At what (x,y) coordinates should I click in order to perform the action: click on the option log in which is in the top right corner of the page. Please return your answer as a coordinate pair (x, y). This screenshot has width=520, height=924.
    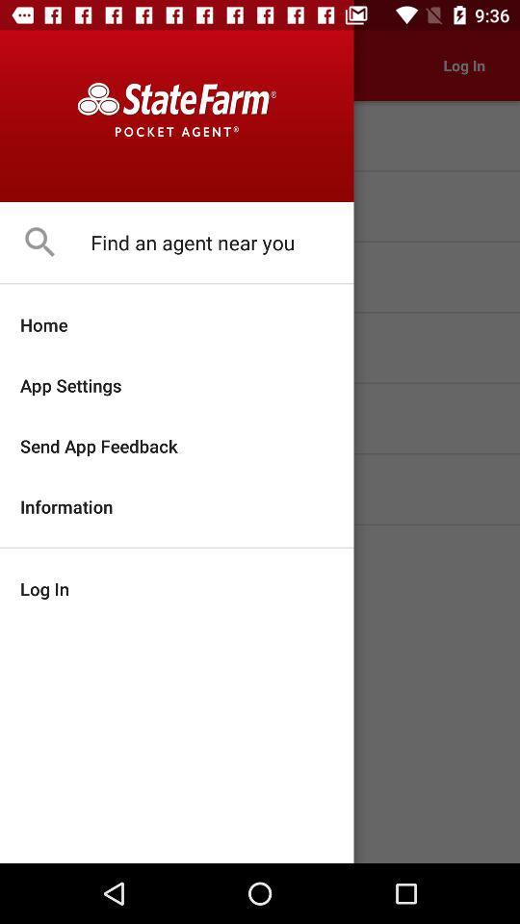
    Looking at the image, I should click on (463, 65).